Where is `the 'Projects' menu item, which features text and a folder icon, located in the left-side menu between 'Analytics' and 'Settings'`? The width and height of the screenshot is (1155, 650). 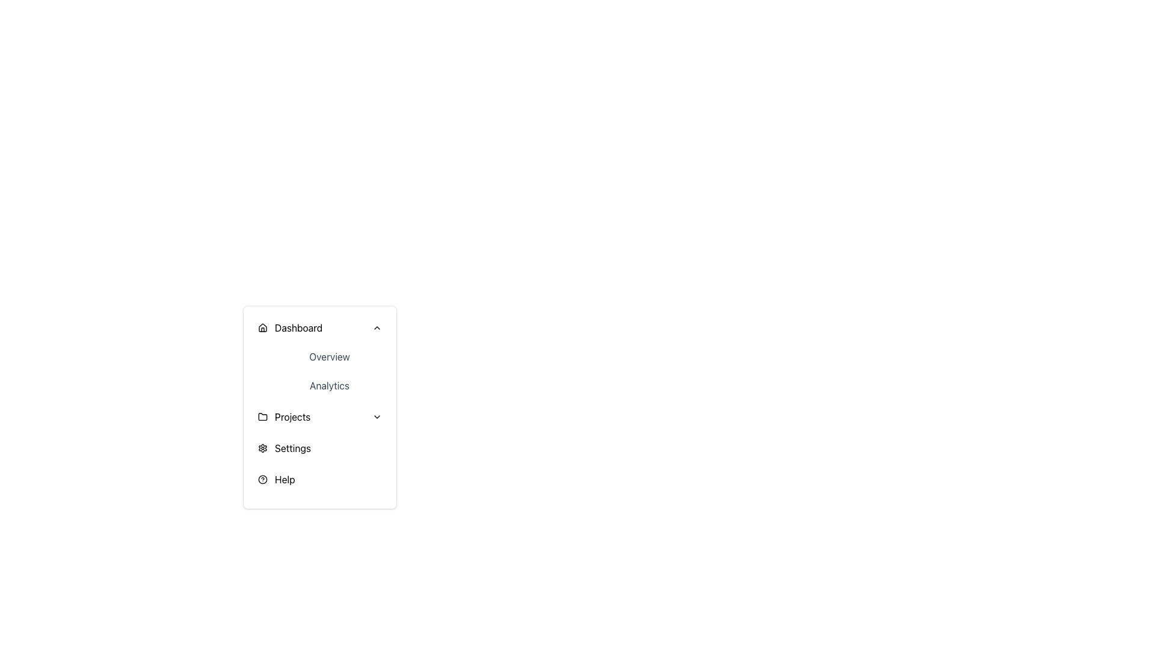 the 'Projects' menu item, which features text and a folder icon, located in the left-side menu between 'Analytics' and 'Settings' is located at coordinates (283, 416).